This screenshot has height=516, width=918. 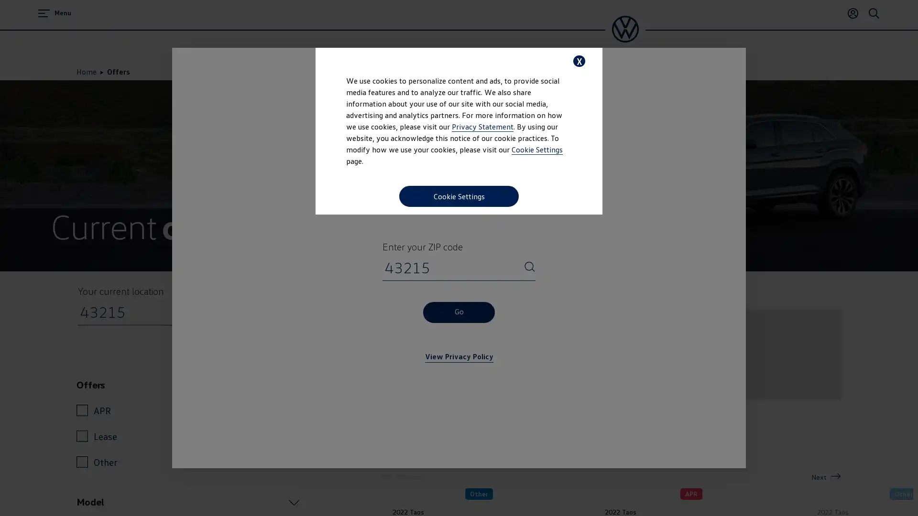 What do you see at coordinates (403, 477) in the screenshot?
I see `Previous` at bounding box center [403, 477].